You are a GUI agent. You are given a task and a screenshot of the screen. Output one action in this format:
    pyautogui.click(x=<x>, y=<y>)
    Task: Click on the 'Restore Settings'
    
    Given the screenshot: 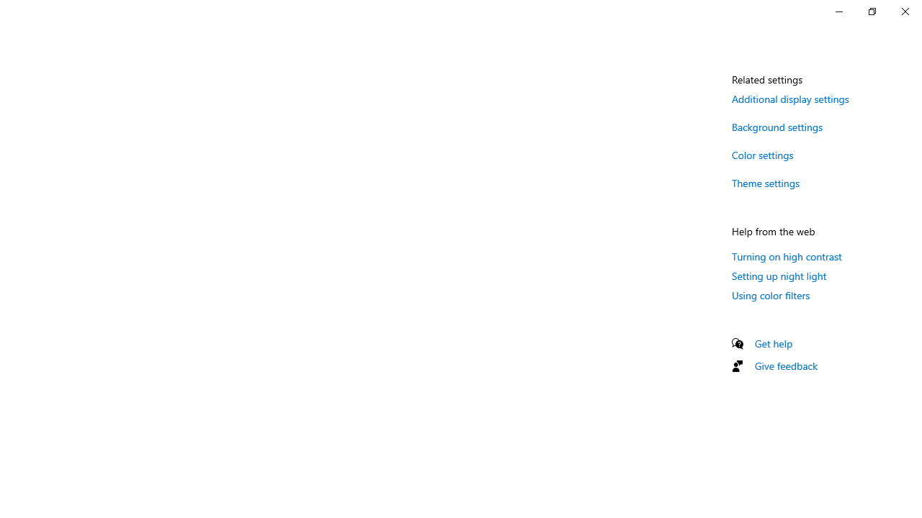 What is the action you would take?
    pyautogui.click(x=871, y=11)
    